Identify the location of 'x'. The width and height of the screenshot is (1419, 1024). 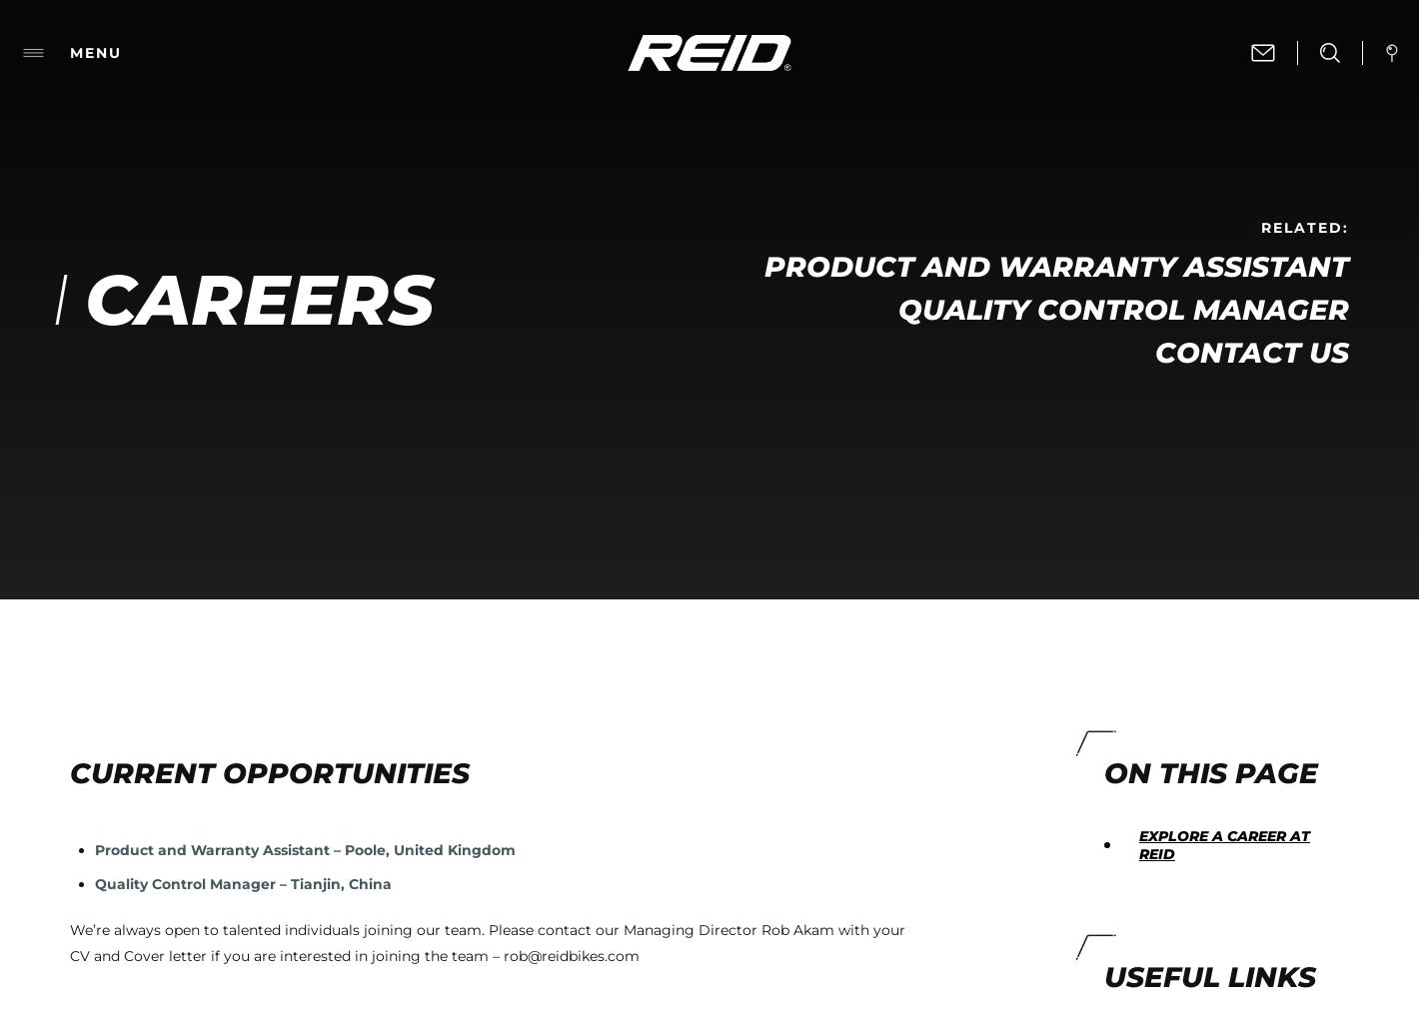
(1028, 791).